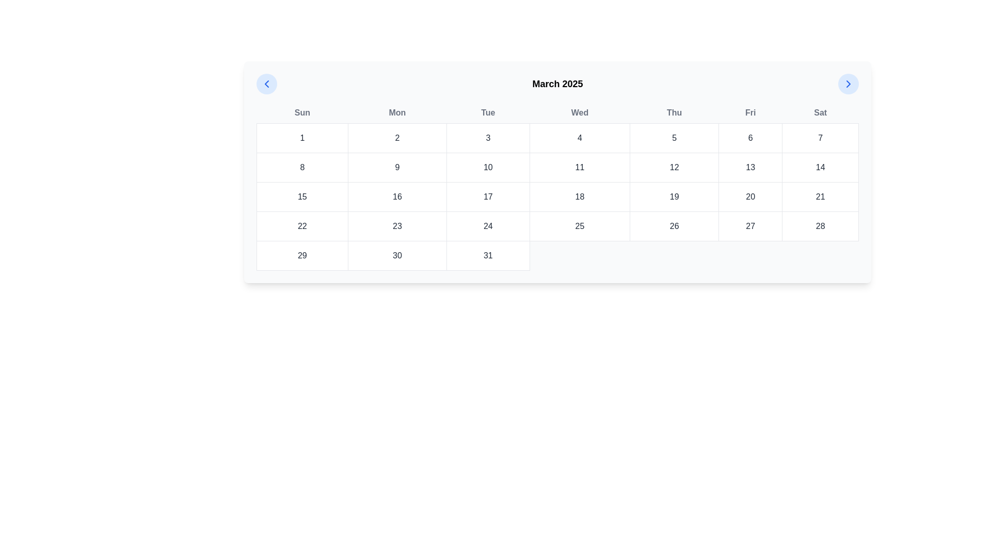 The height and width of the screenshot is (557, 991). I want to click on the calendar date cell element representing the date '20', located in the fifth row under the Friday column, between '19' and '21', so click(750, 196).